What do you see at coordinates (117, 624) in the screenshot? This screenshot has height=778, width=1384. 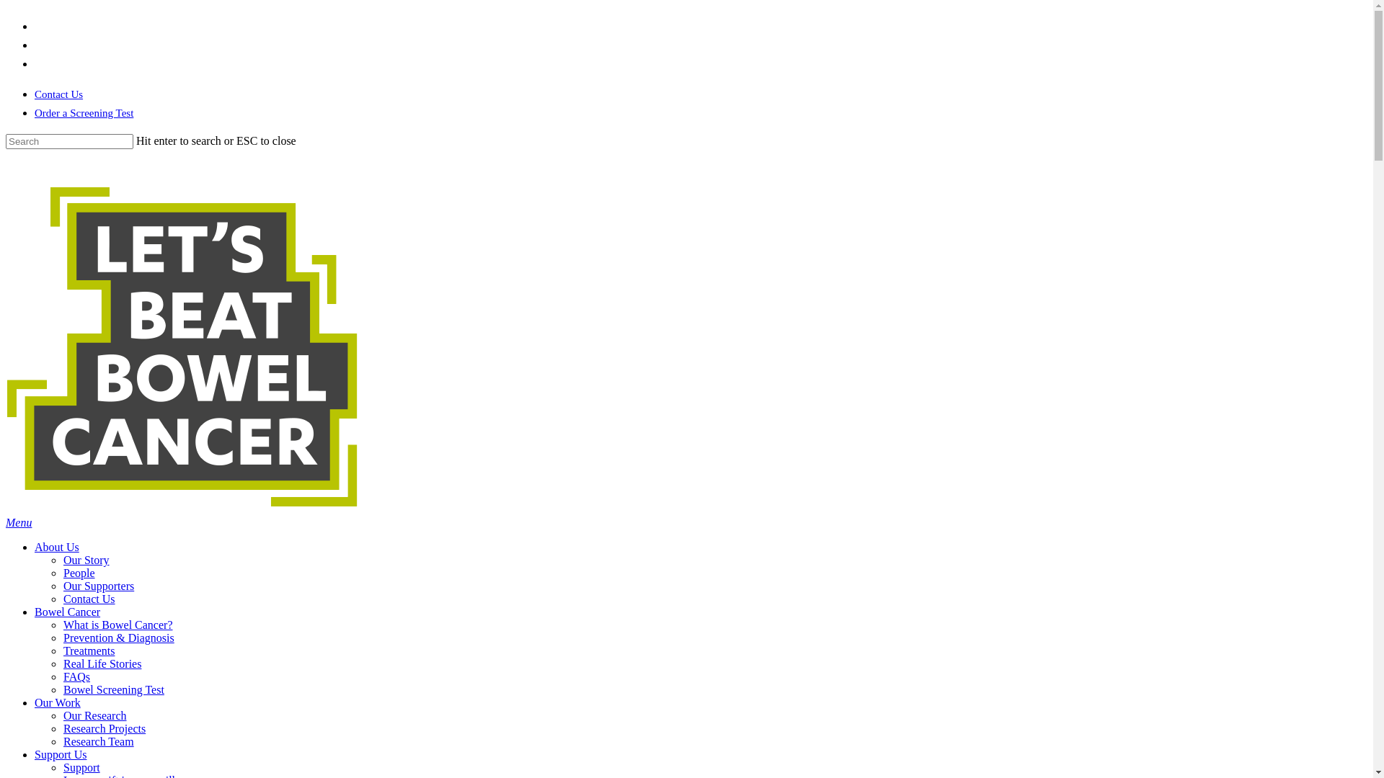 I see `'What is Bowel Cancer?'` at bounding box center [117, 624].